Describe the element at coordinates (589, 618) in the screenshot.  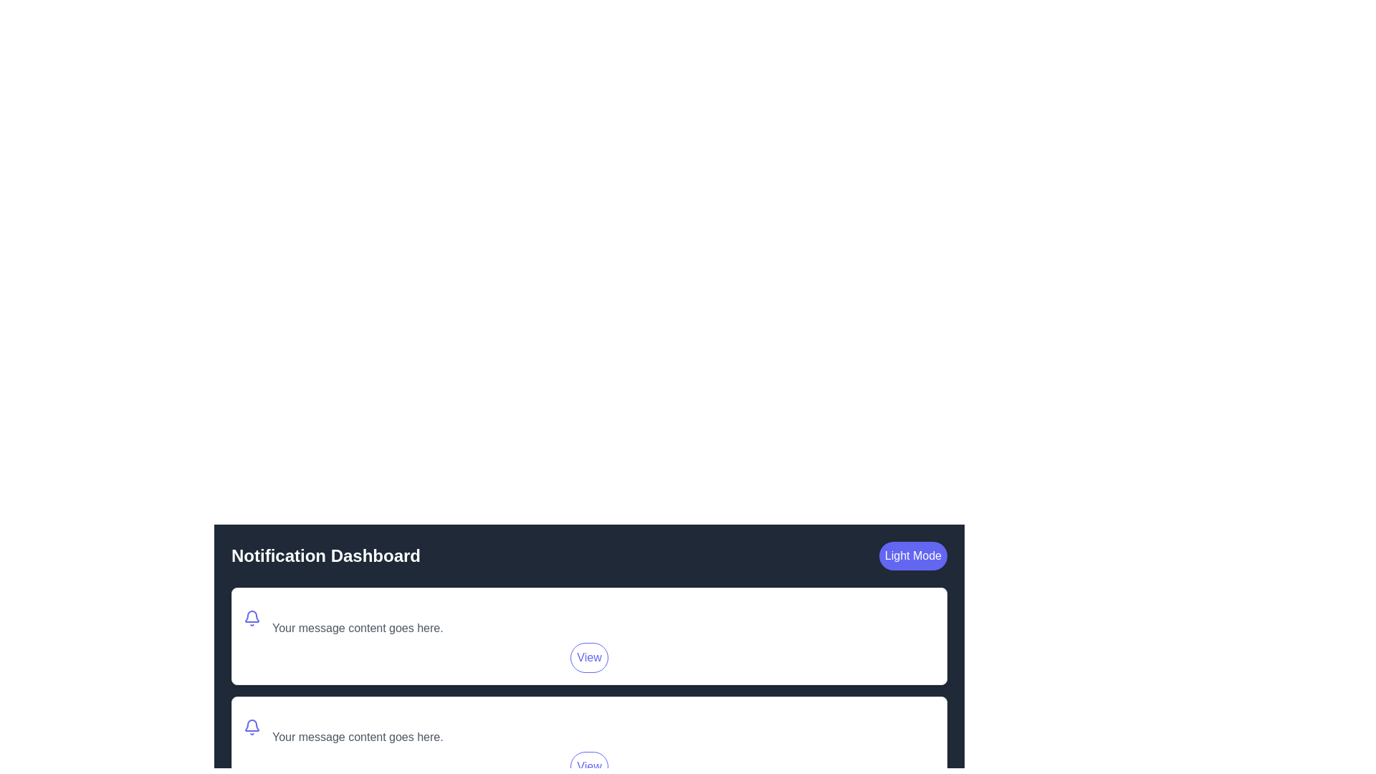
I see `the notification list item located within the first notification card under the title 'Notification Dashboard', which is to the left and center-aligned relative to the 'View' button` at that location.